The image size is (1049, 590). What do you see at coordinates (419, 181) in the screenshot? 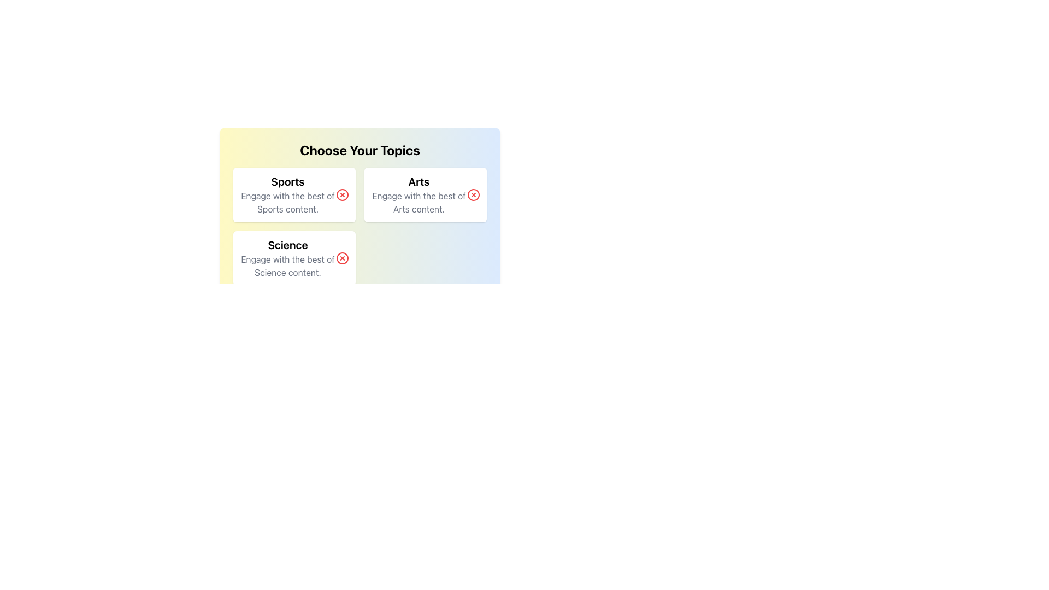
I see `the 'Arts' title text label located in the top-right card of the vertical list of cards, which identifies the section topic` at bounding box center [419, 181].